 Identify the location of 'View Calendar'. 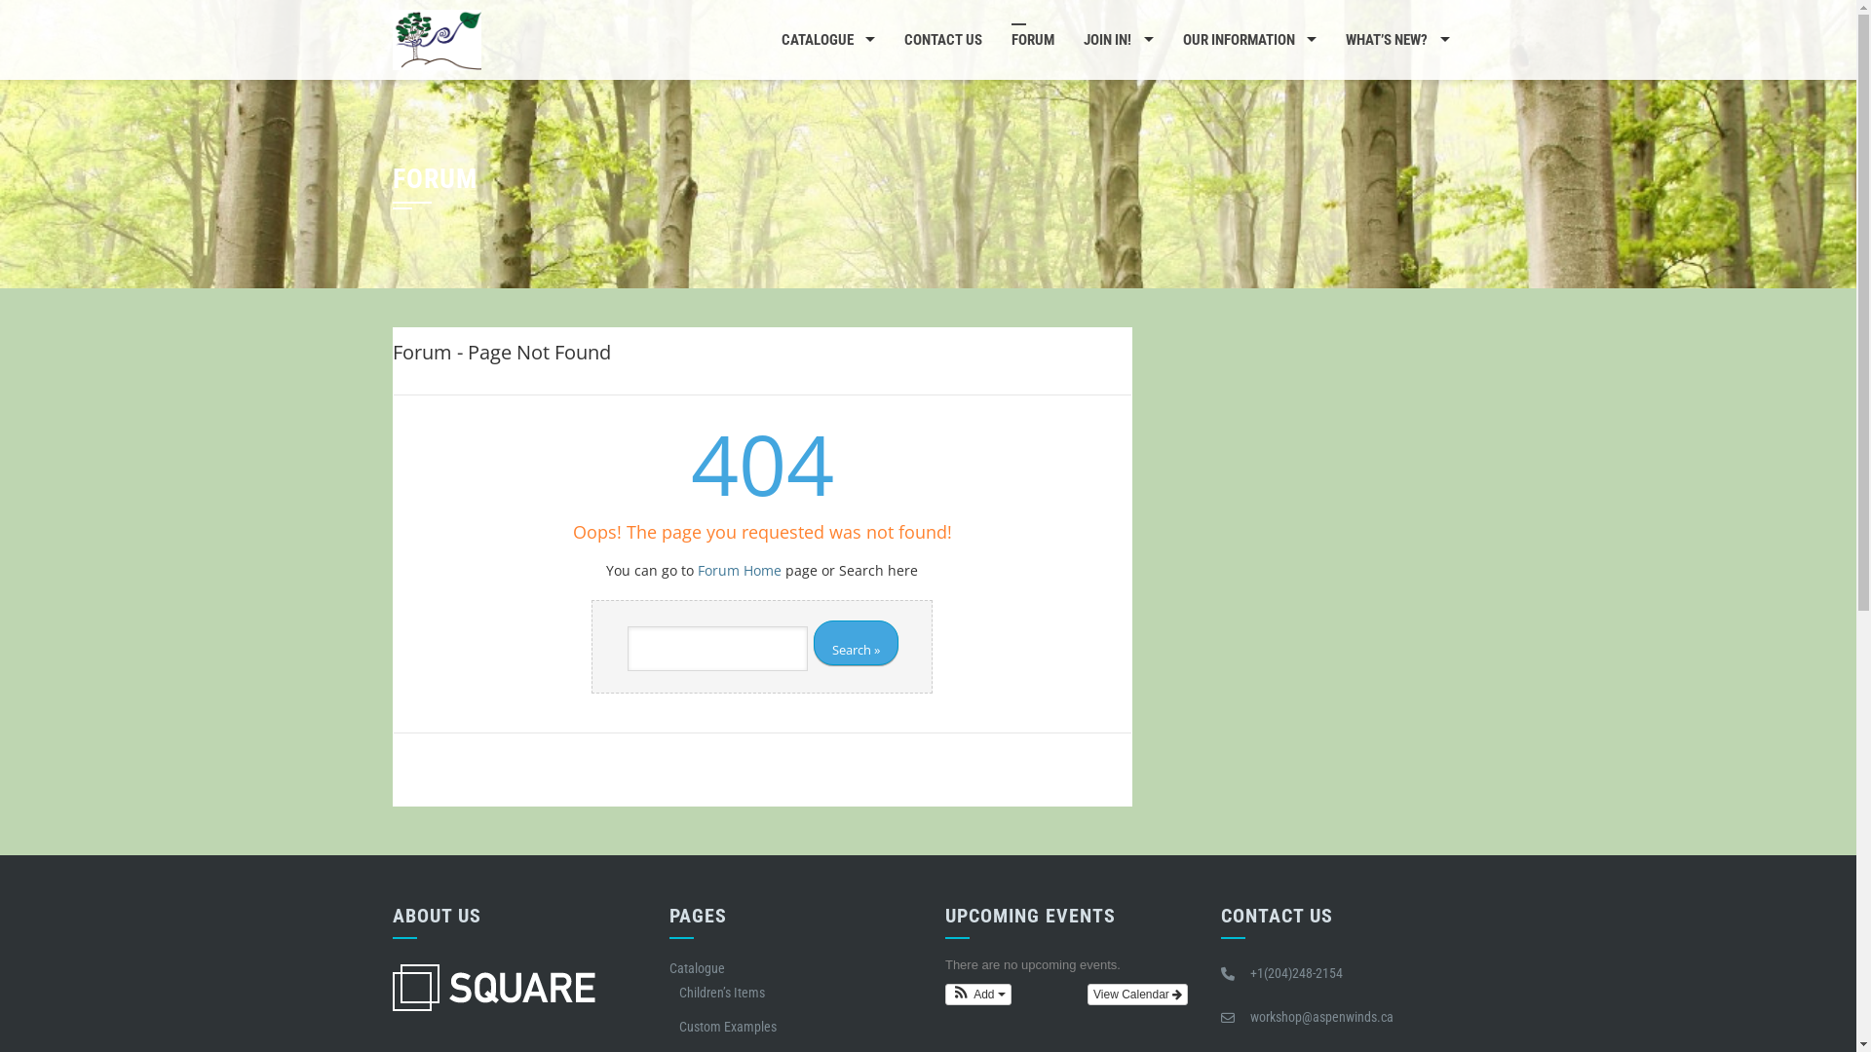
(1137, 995).